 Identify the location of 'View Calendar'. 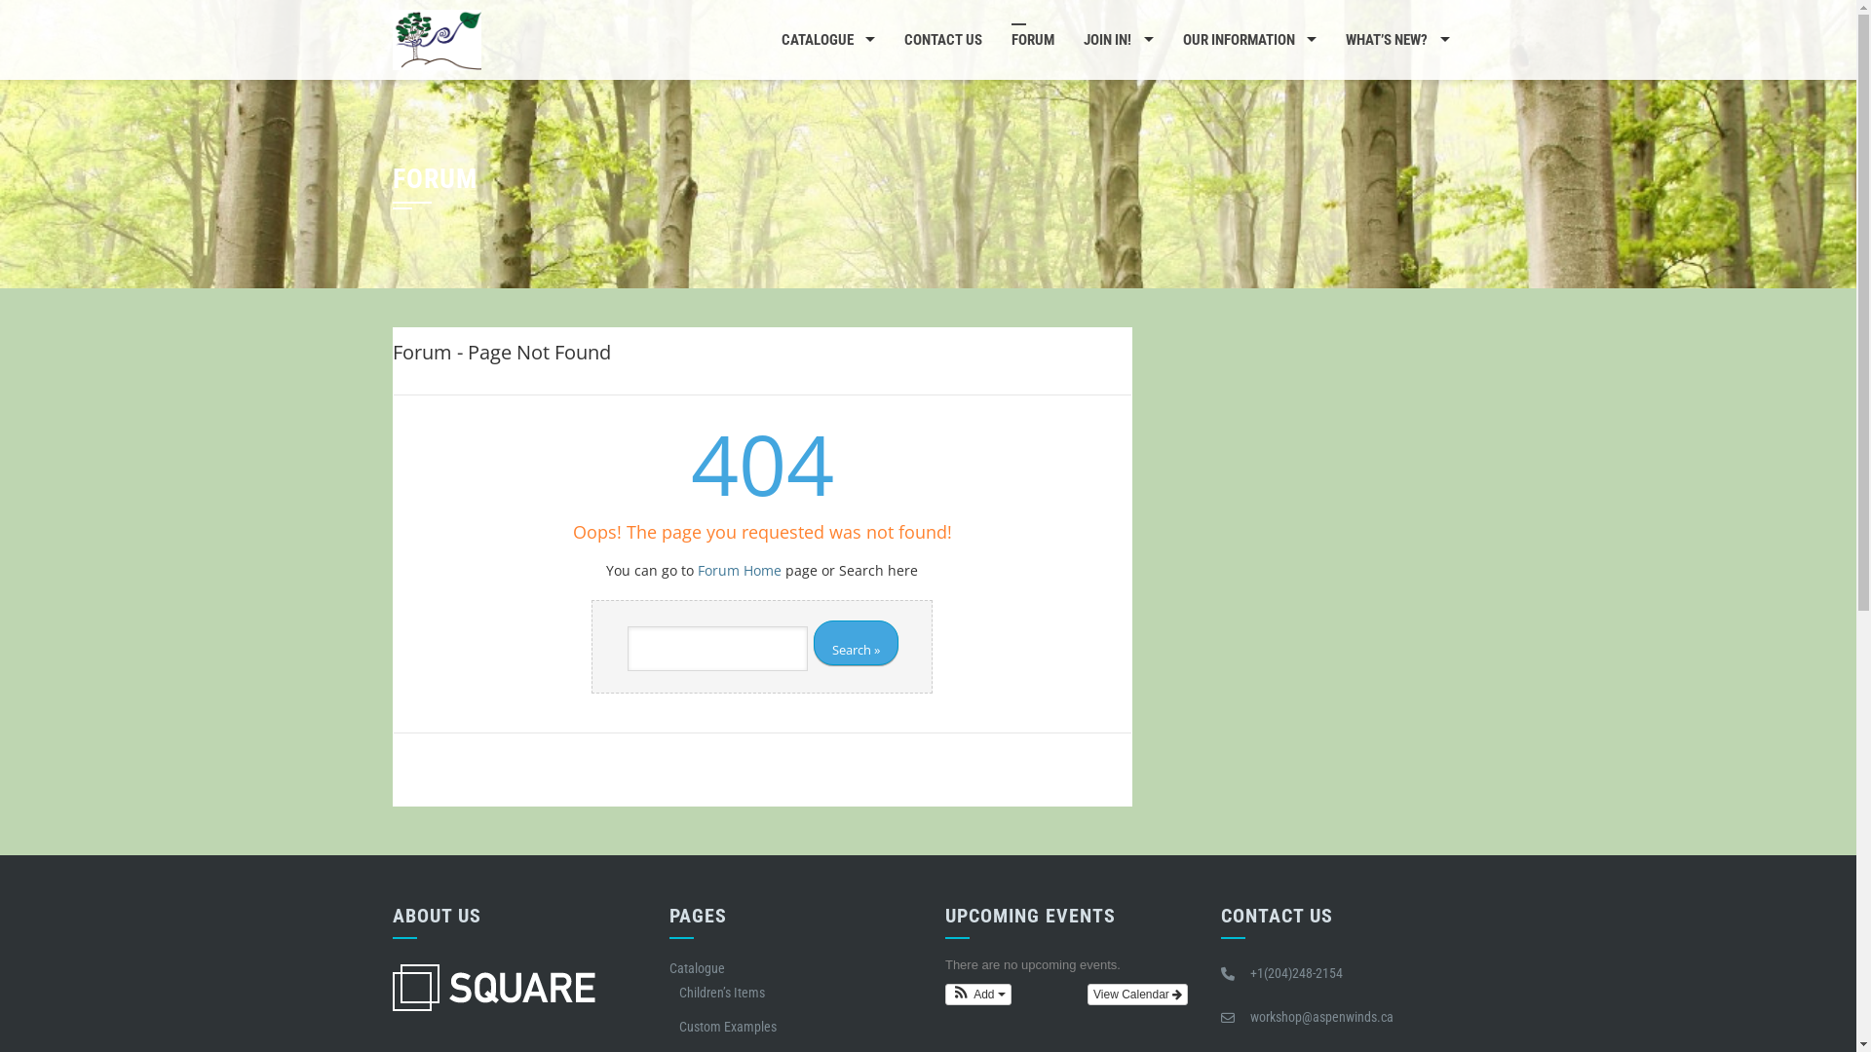
(1137, 995).